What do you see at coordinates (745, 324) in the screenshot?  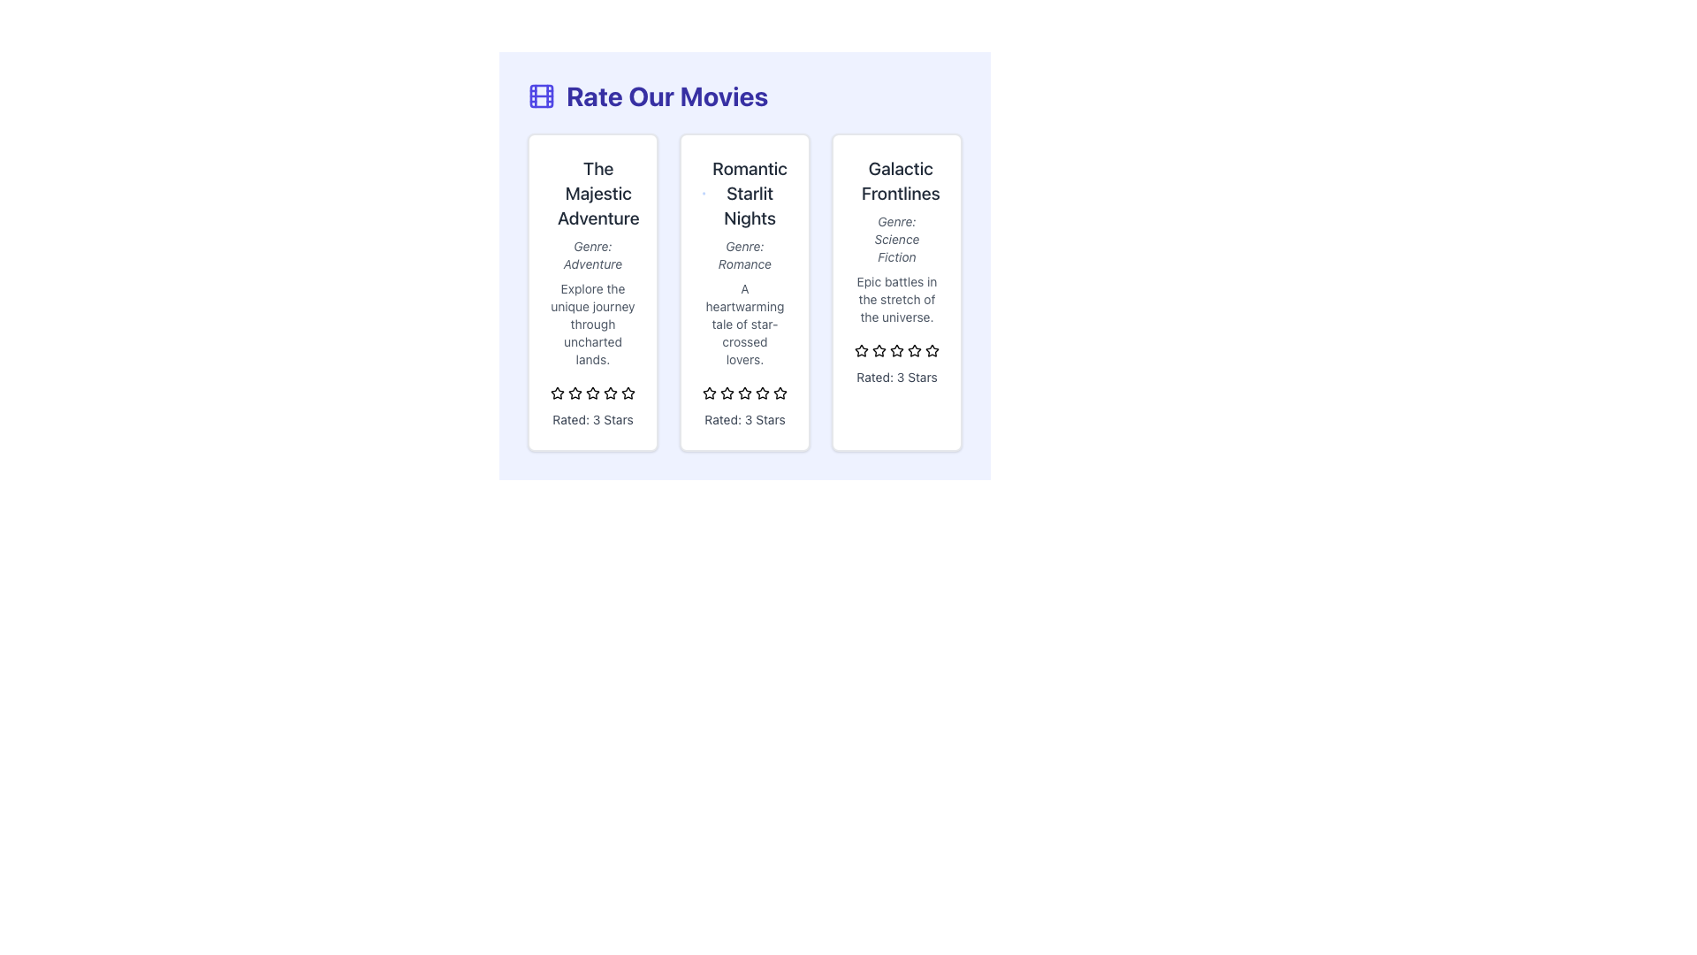 I see `description text block for the movie 'Romantic Starlit Nights', which is located below the 'Genre: Romance' line and above the star rating section` at bounding box center [745, 324].